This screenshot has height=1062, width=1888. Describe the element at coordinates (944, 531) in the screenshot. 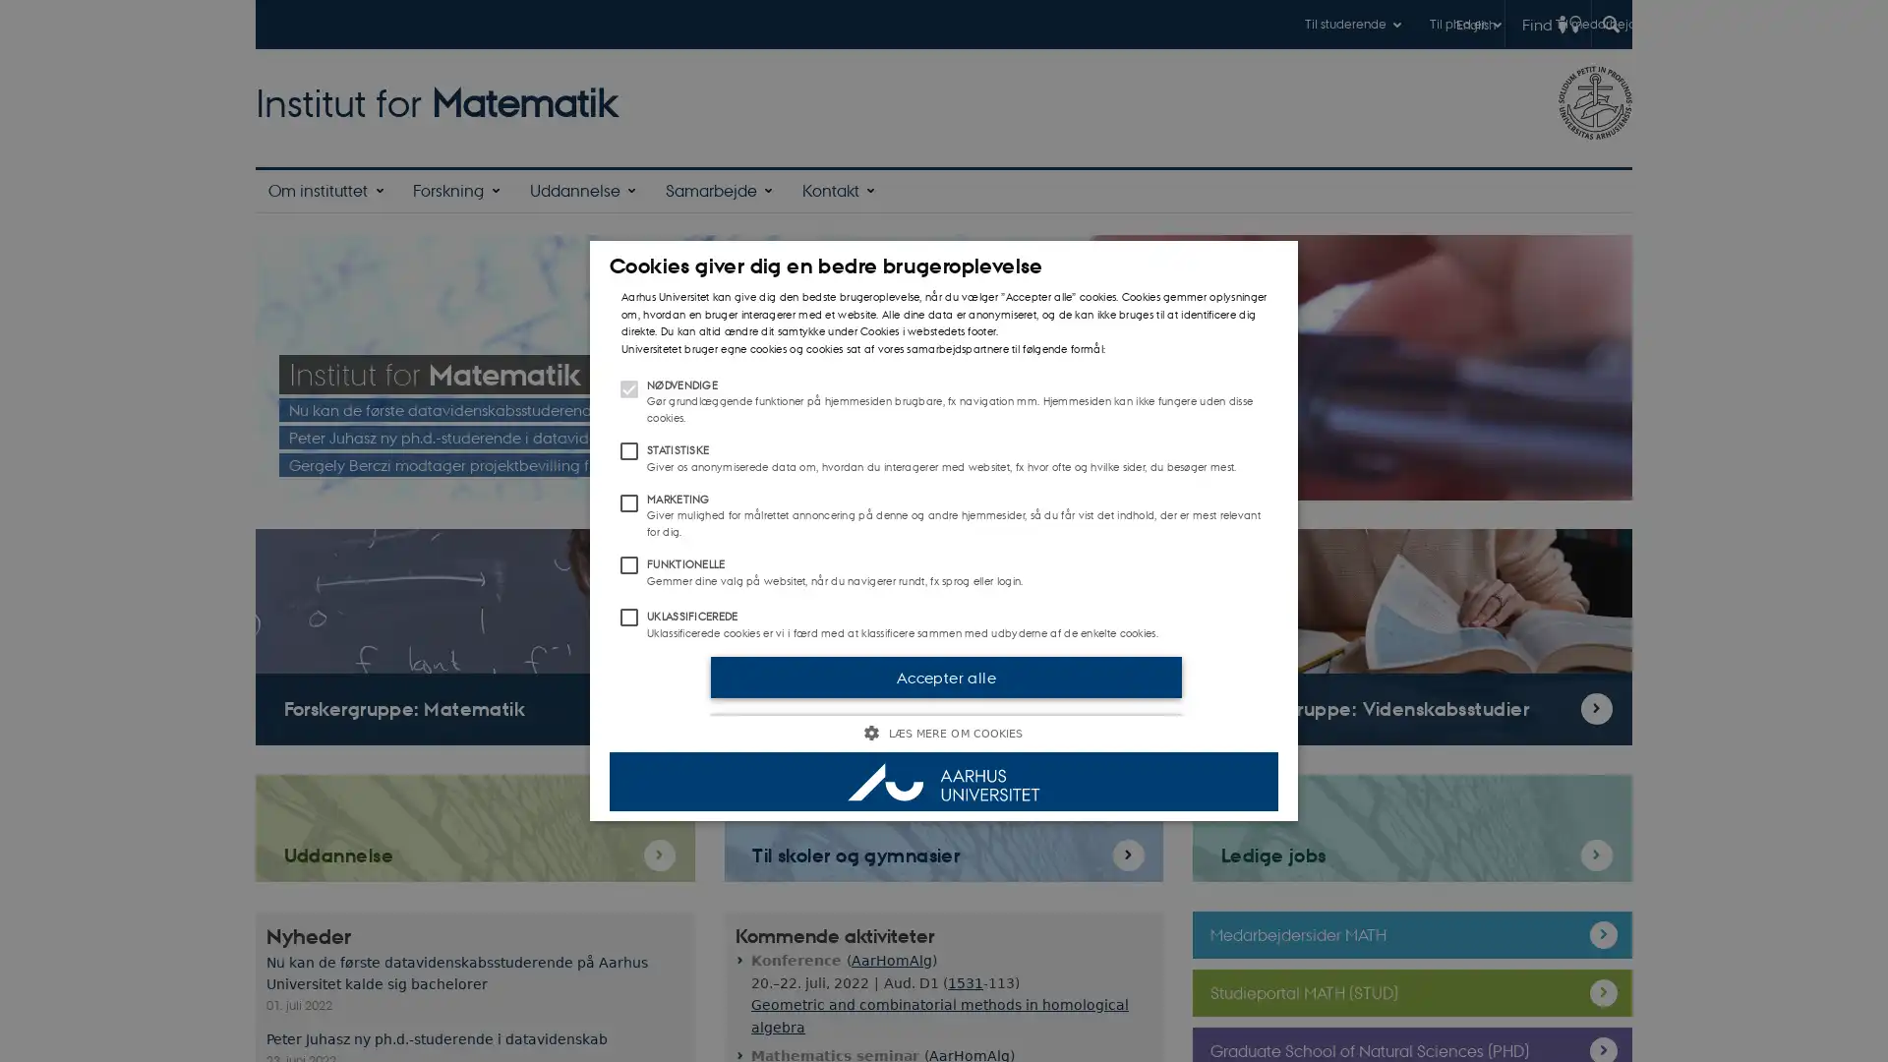

I see `Cookies giver dig en bedre brugeroplevelse Aarhus Universitet kan give dig den bedste brugeroplevelse, nar du vlger Accepter alle cookies. Cookies gemmer oplysninger om, hvordan en bruger interagerer med et website. Alle dine data er anonymiseret, og de kan ikke bruges til at identificere dig direkte. Du kan altid ndre dit samtykke under Cookies i webstedets footer. Universitetet bruger egne cookies og cookies sat af vores samarbejdspartnere til flgende formal: NDVENDIGE Gr grundlggende funktioner pa hjemmesiden brugbare, fx navigation mm. Hjemmesiden kan ikke fungere uden disse cookies. STATISTISKE Giver os anonymiserede data om, hvordan du interagerer med websitet, fx hvor ofte og hvilke sider, du besger mest. MARKETING Giver mulighed for malrettet annoncering pa denne og andre hjemmesider, sa du far vist det indhold, der er mest relevant for dig. FUNKTIONELLE Gemmer dine valg pa websitet, nar du navigerer rundt, fx sprog eller login. UKLASSIFICEREDE Uklassificerede cookies er vi i frd med at klassificere sammen med udbyderne af de enkelte cookies. Accepter alle Accepter valgte LS MERE OM COOKIES LISTE OVER COOKIES COOKIEPOLITIK ANNONCEINDSTILLINGER Ndvendige Statistiske Marketing Funktionelle Uklassificerede Ndvendige cookies hjlper med at gre hjemmesiden brugbar ved at aktivere nogle grundlggende funktioner som navigation mm. Hjemmesiden kan ikke fungerer uden disse cookies. Disse cookies hjlper Aarhus Universitet med at forsta, hvordan du interagerer med websitet. Vi bruger denne information til at forbedre vores website.` at that location.